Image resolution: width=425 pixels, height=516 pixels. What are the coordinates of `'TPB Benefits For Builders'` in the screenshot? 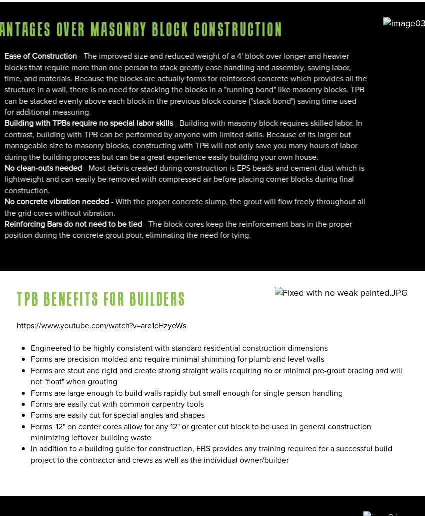 It's located at (101, 297).